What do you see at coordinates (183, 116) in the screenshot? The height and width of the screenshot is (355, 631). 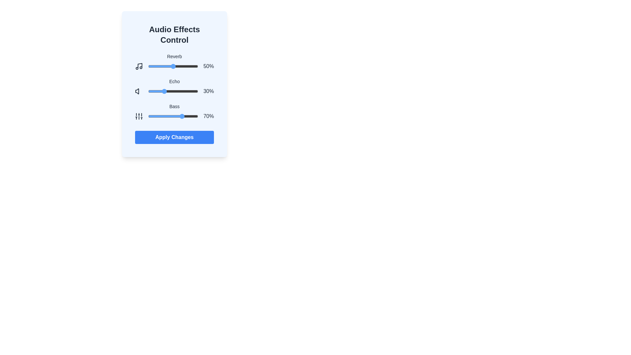 I see `the bass effect` at bounding box center [183, 116].